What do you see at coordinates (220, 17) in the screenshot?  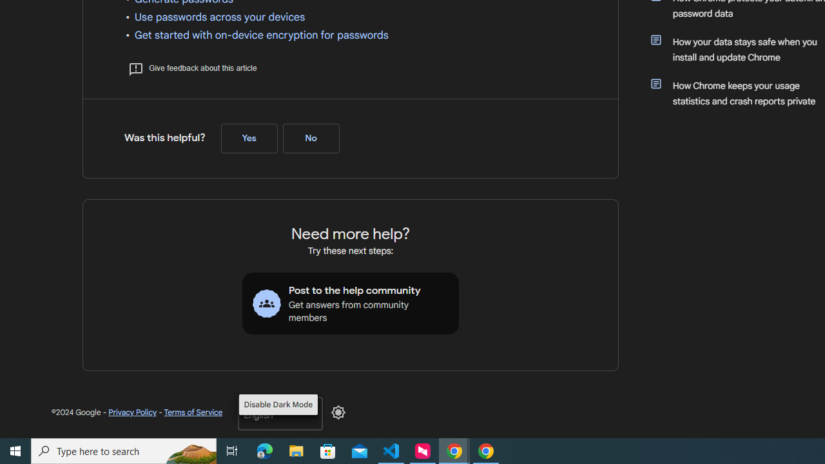 I see `'Use passwords across your devices'` at bounding box center [220, 17].